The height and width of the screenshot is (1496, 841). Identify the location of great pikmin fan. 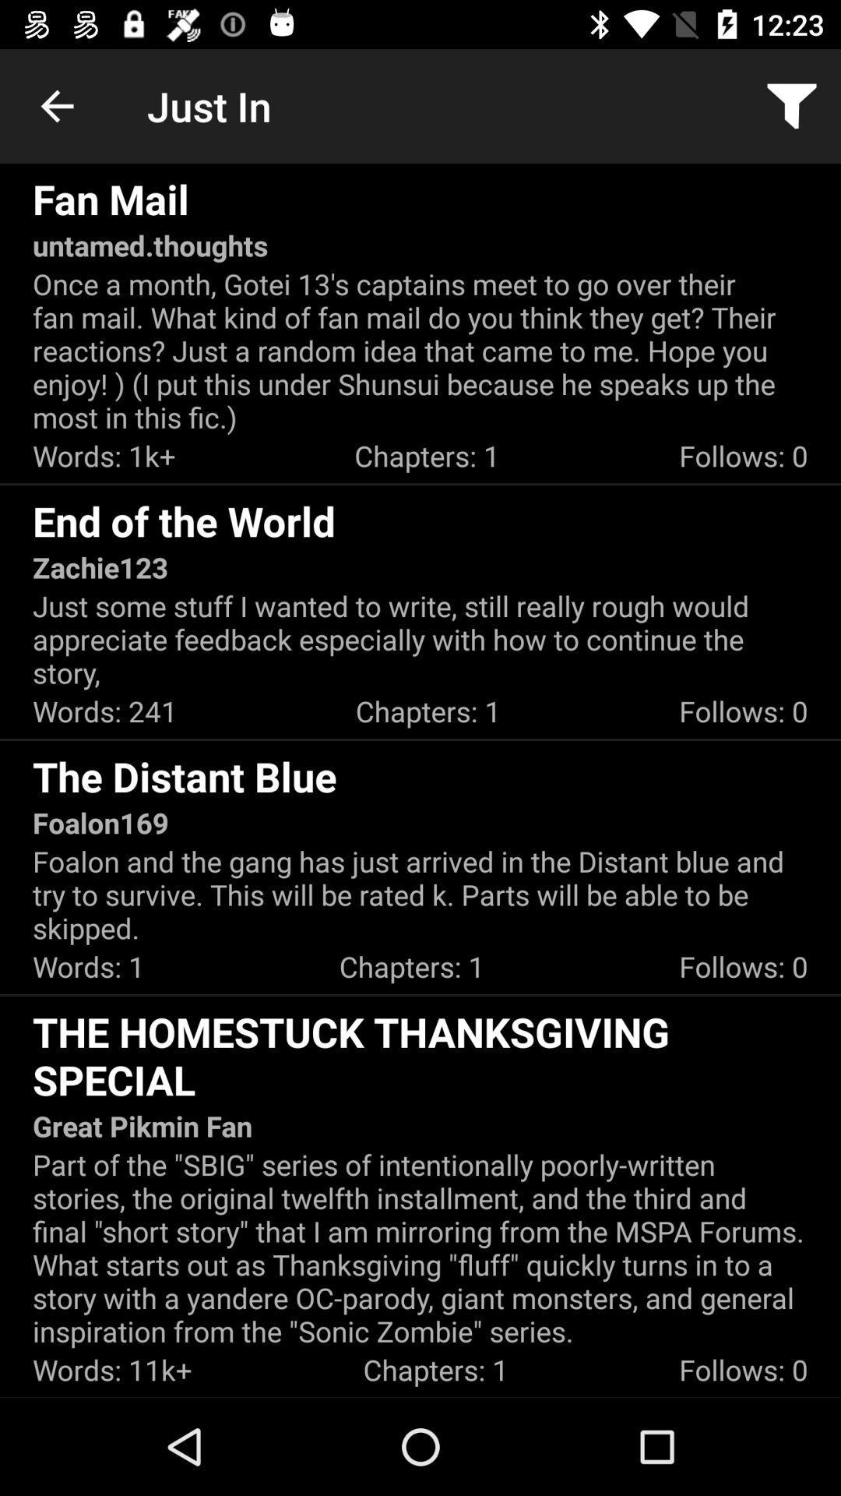
(142, 1126).